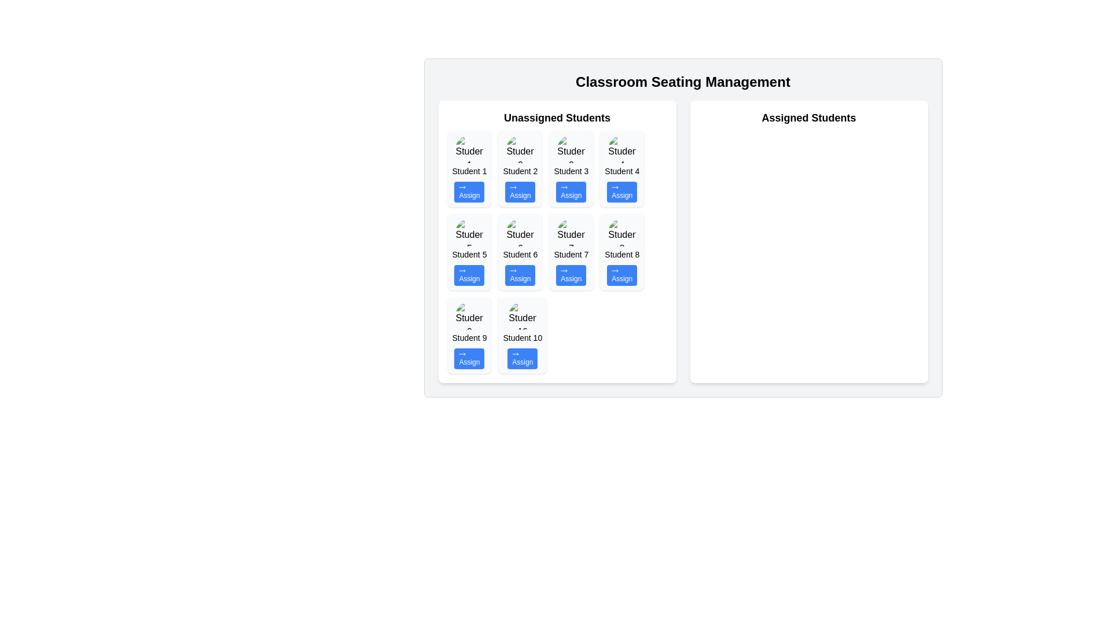 The image size is (1111, 625). I want to click on the student card in the unassigned list to get additional details, so click(522, 335).